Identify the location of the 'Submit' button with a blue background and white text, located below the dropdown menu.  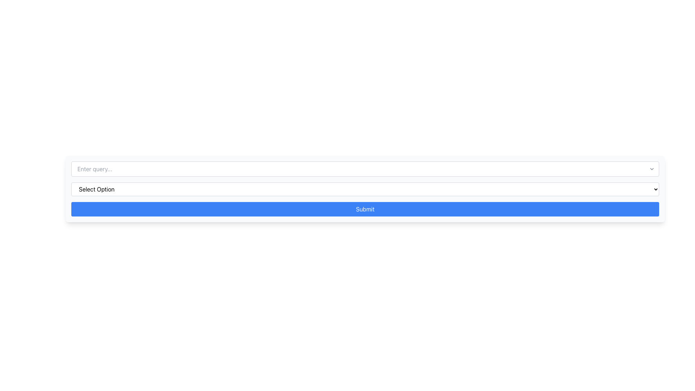
(365, 209).